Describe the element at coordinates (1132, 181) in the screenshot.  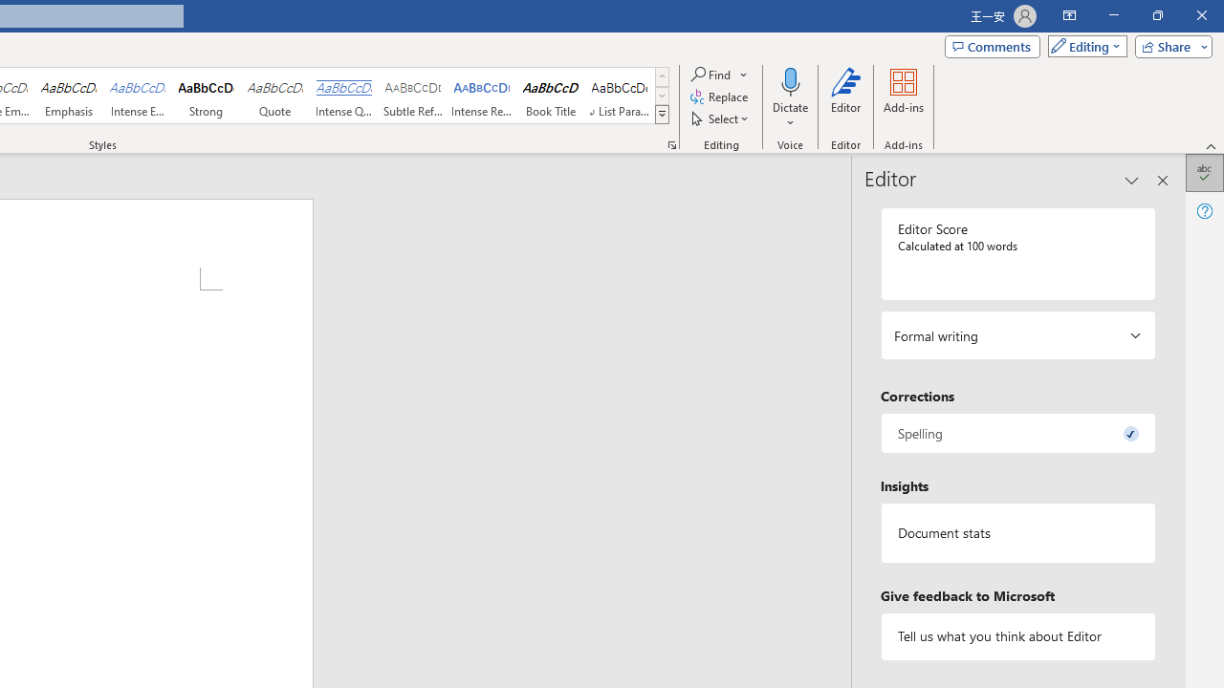
I see `'Task Pane Options'` at that location.